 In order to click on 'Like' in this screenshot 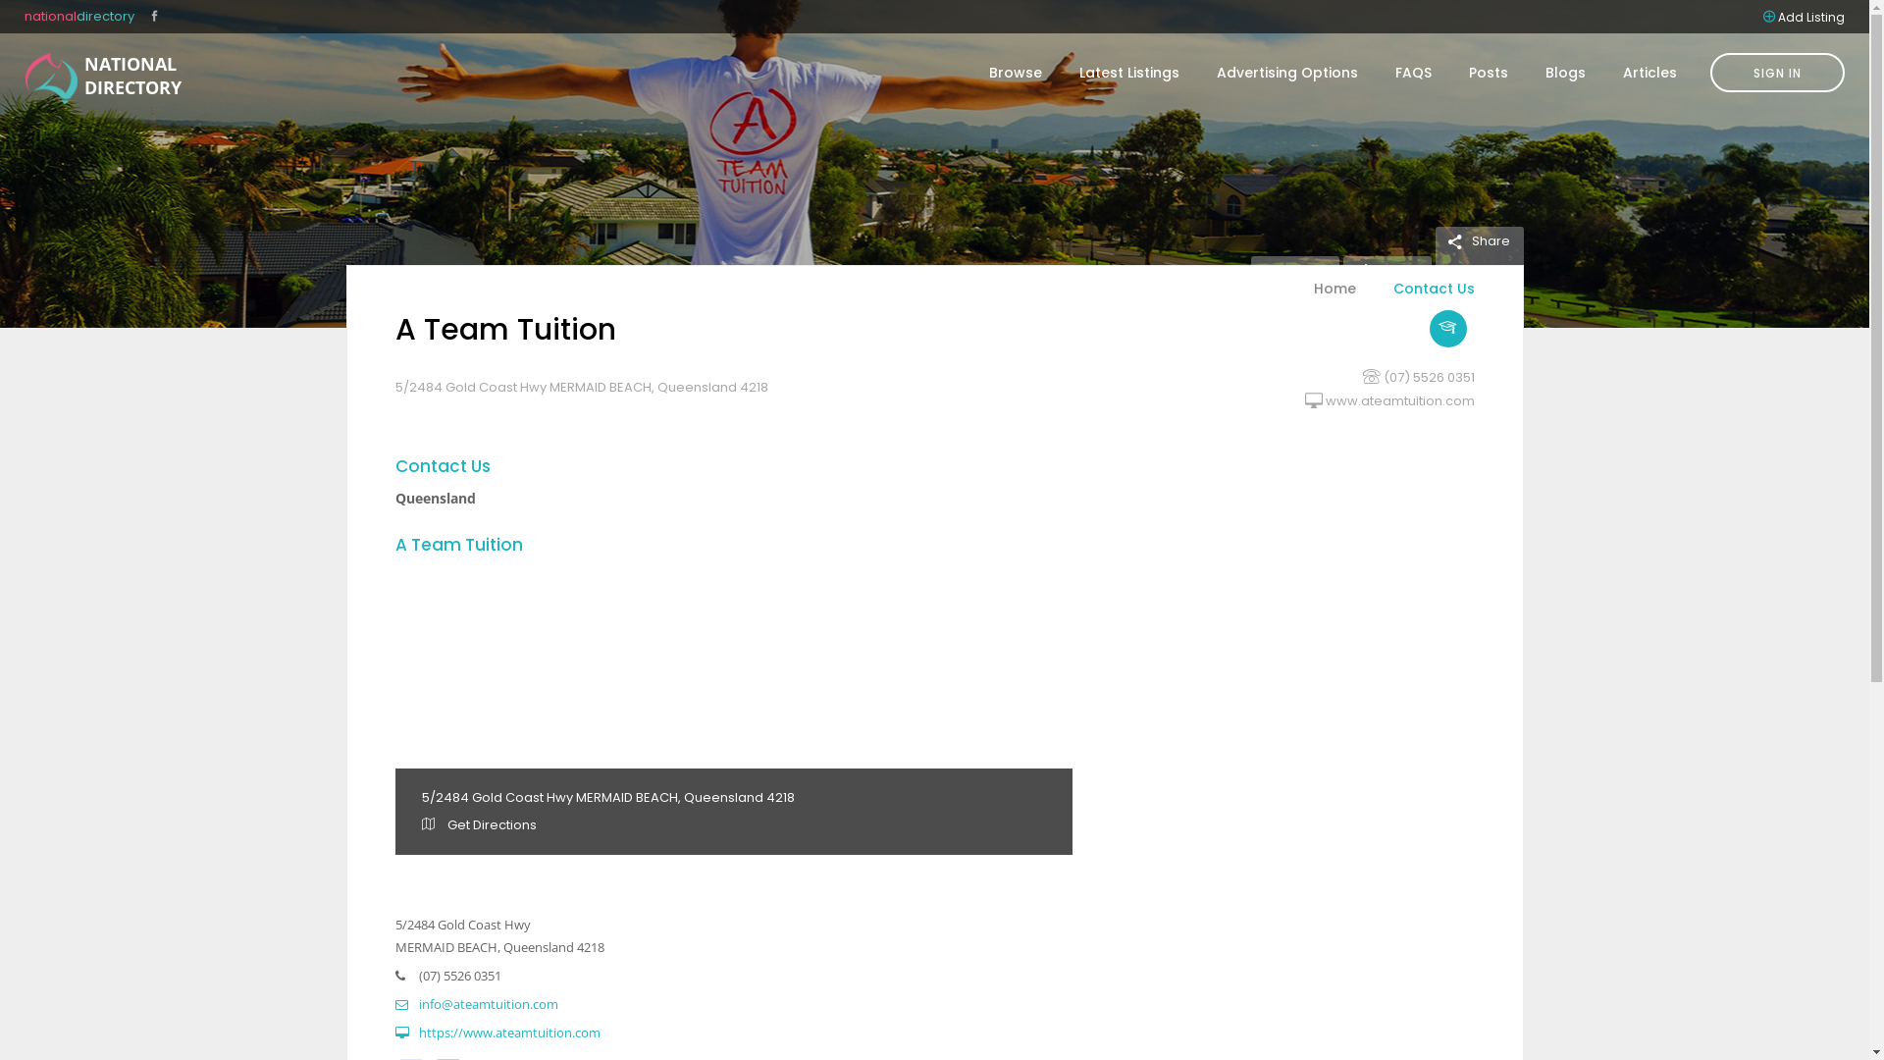, I will do `click(1378, 269)`.